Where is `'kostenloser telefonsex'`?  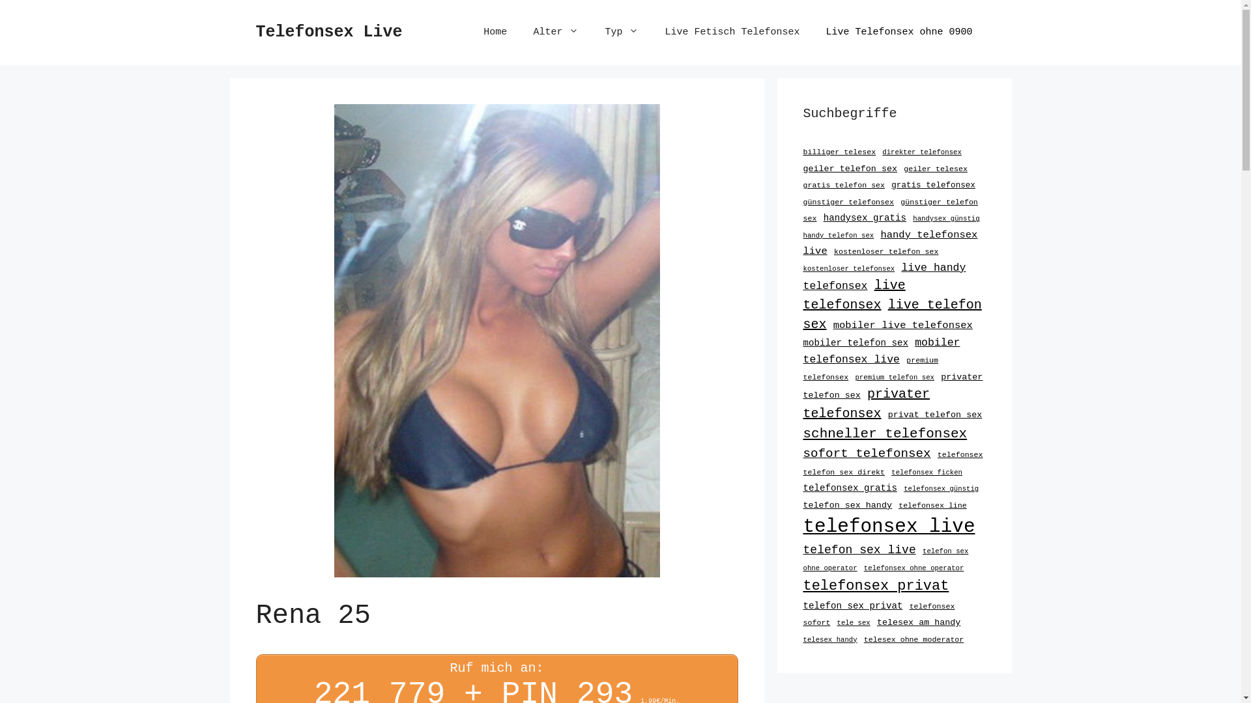 'kostenloser telefonsex' is located at coordinates (848, 268).